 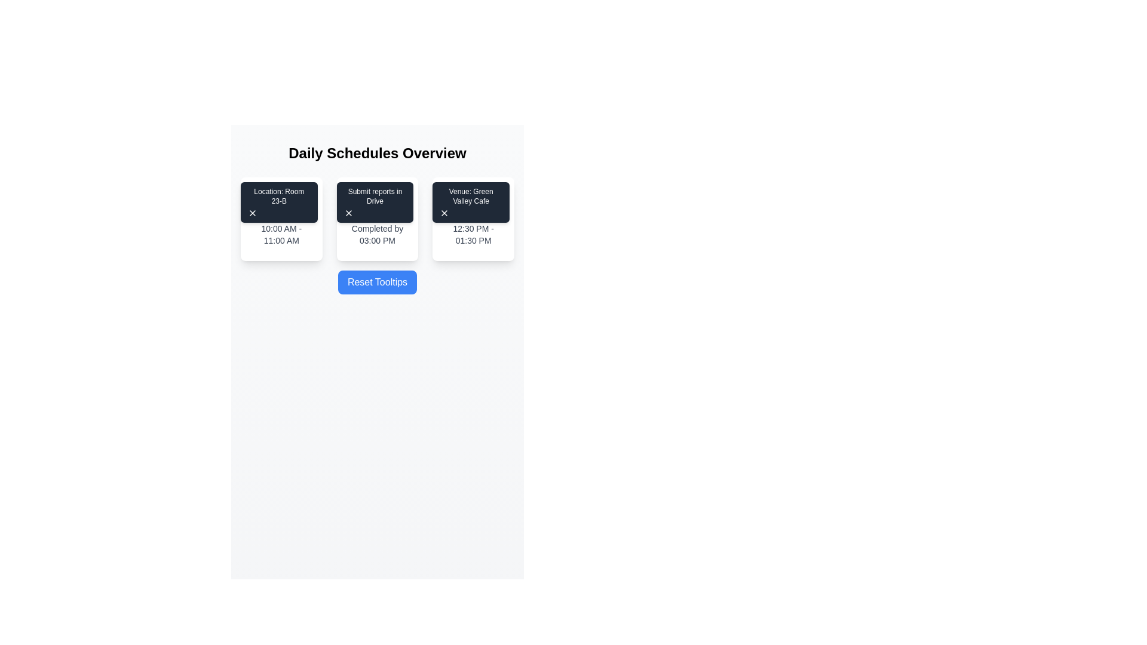 I want to click on the text element displaying 'Submit reports in Drive', which is styled in white text on a dark background and located in the top section of the middle card, so click(x=375, y=195).